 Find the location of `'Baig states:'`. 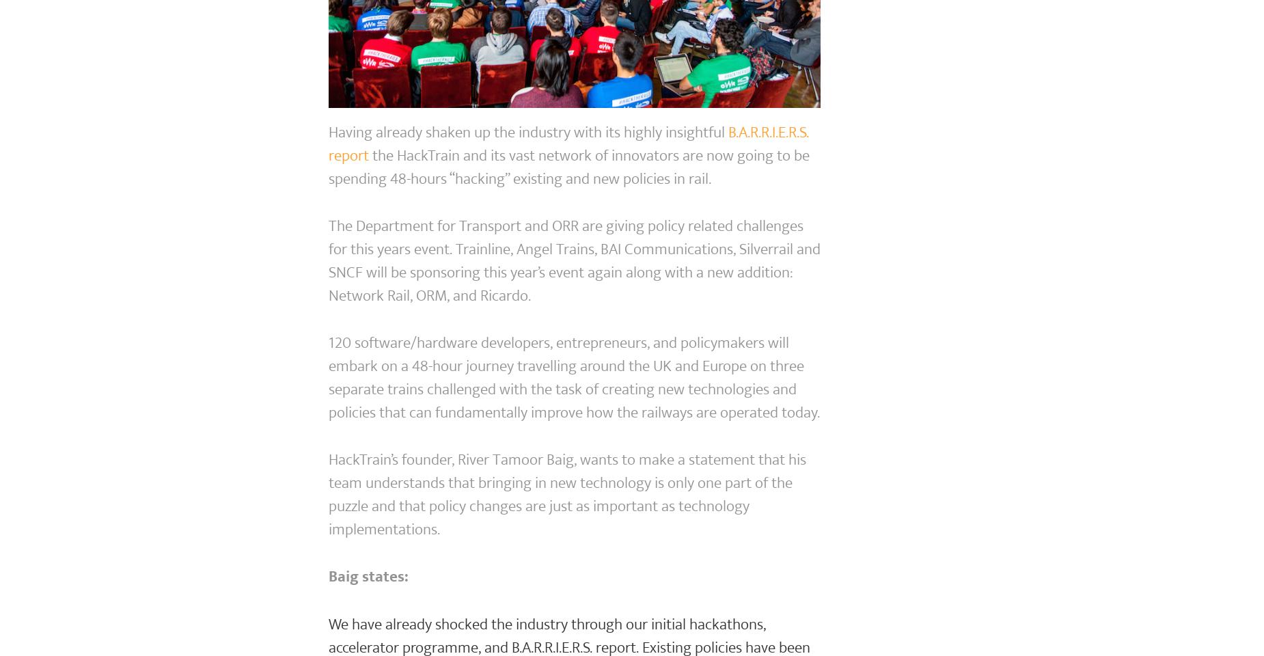

'Baig states:' is located at coordinates (368, 576).